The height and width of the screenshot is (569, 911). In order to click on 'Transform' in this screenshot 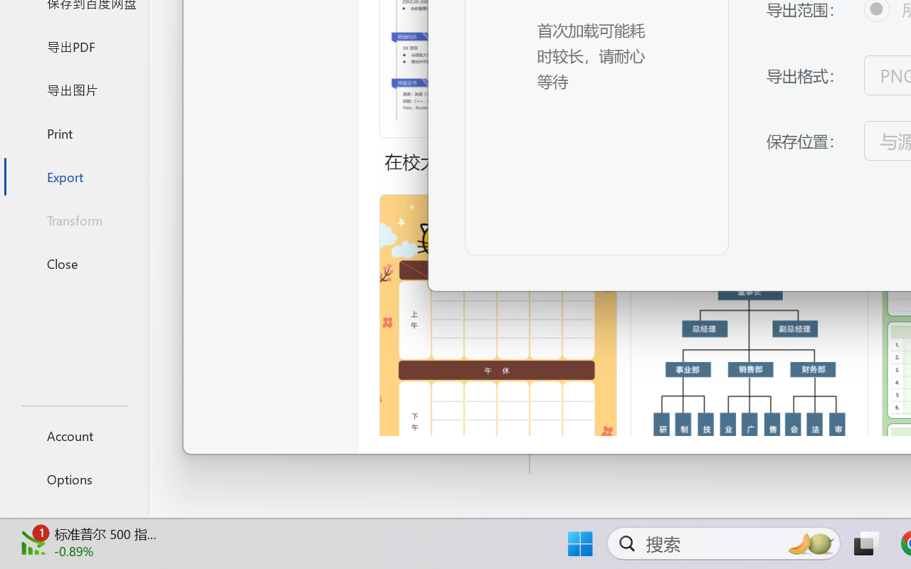, I will do `click(73, 219)`.